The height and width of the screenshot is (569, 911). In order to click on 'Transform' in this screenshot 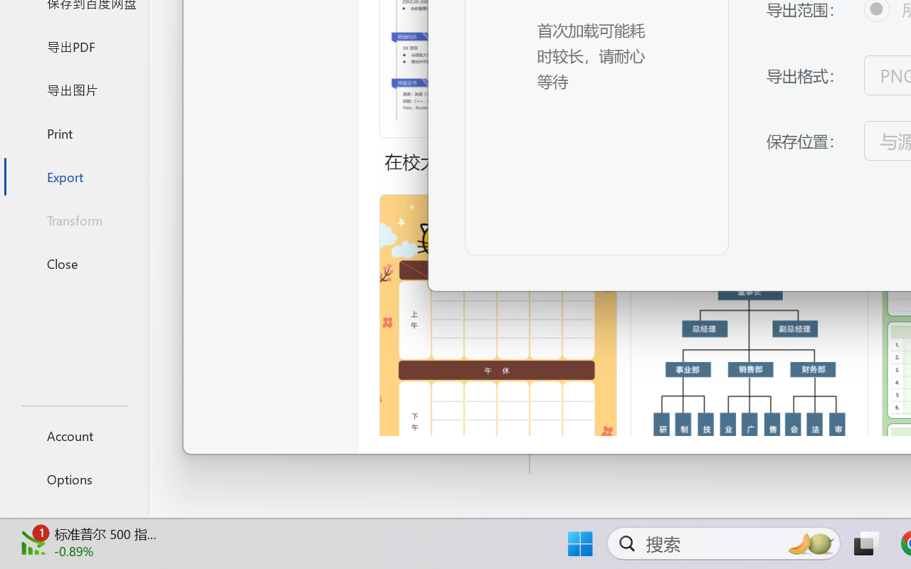, I will do `click(73, 219)`.